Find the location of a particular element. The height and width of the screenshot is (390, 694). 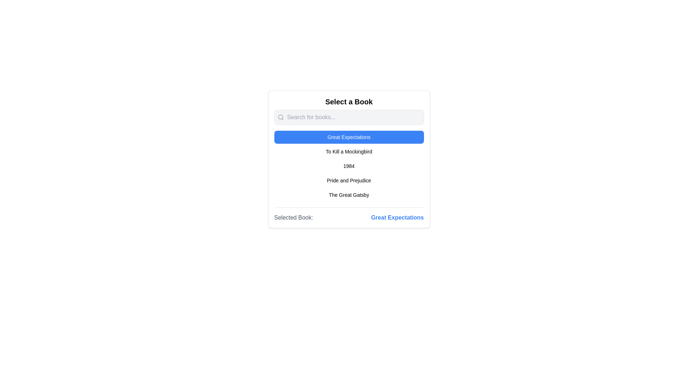

the text item representing the book title 'Pride and Prejudice' in the vertical list of book titles is located at coordinates (349, 180).